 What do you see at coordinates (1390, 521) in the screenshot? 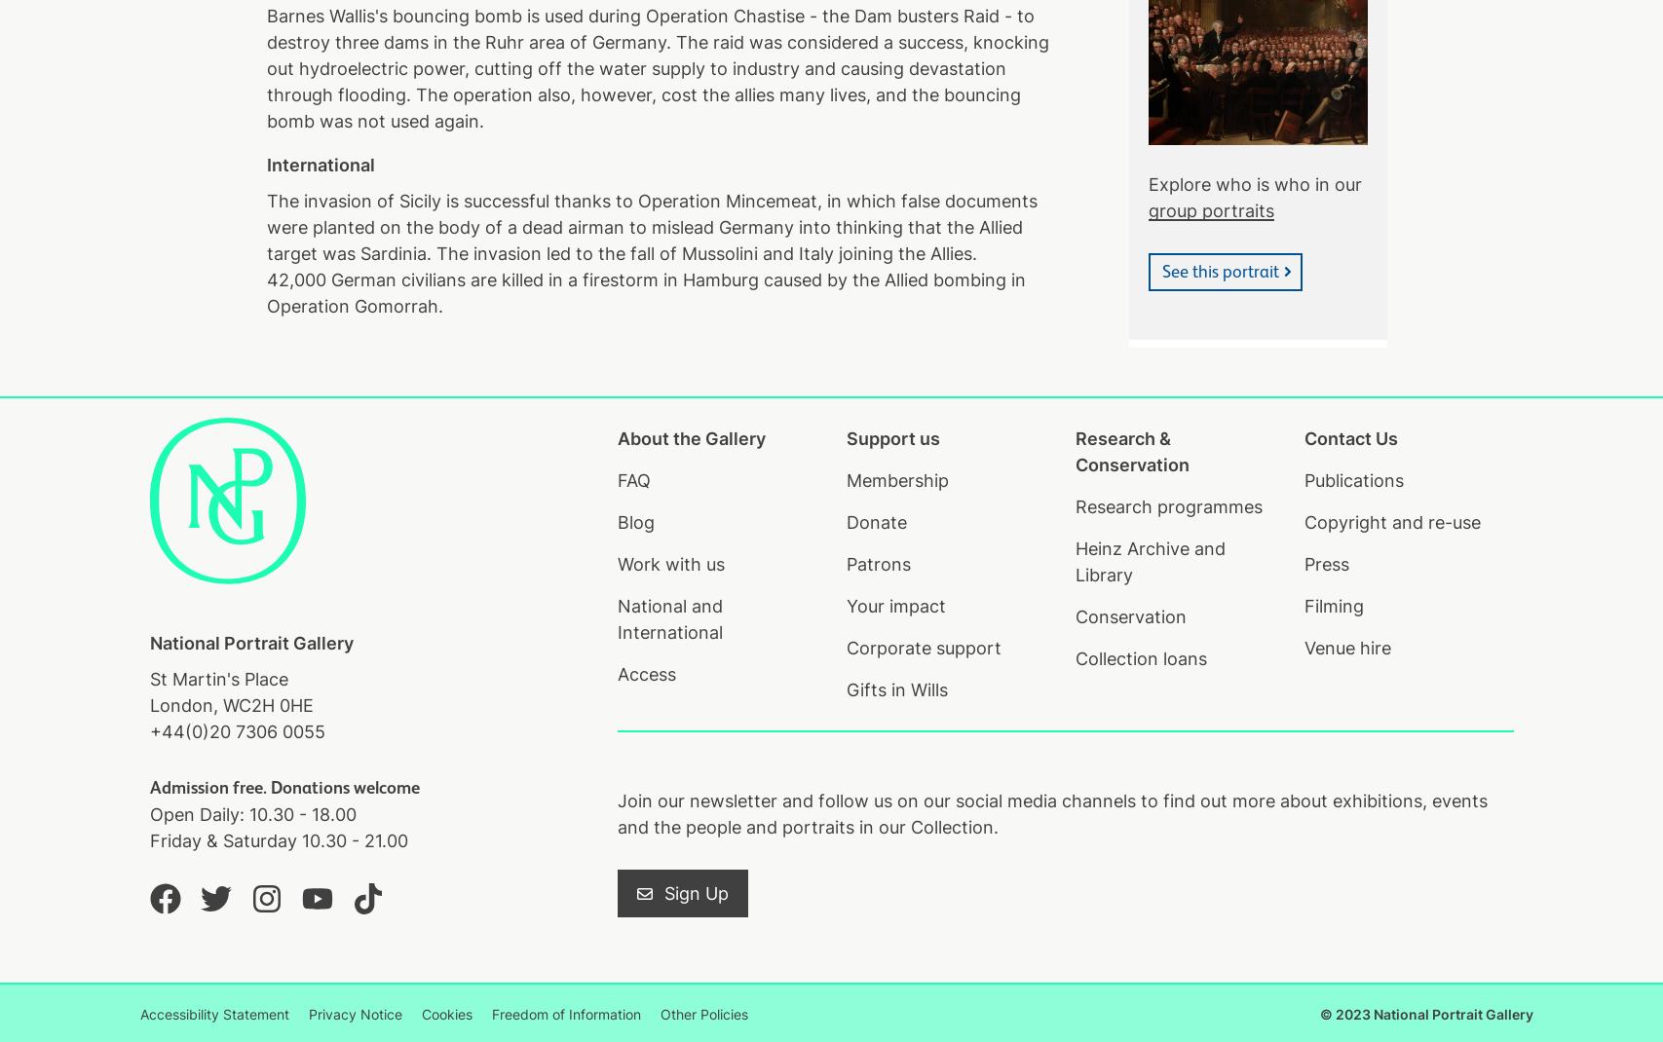
I see `'Copyright and re-use'` at bounding box center [1390, 521].